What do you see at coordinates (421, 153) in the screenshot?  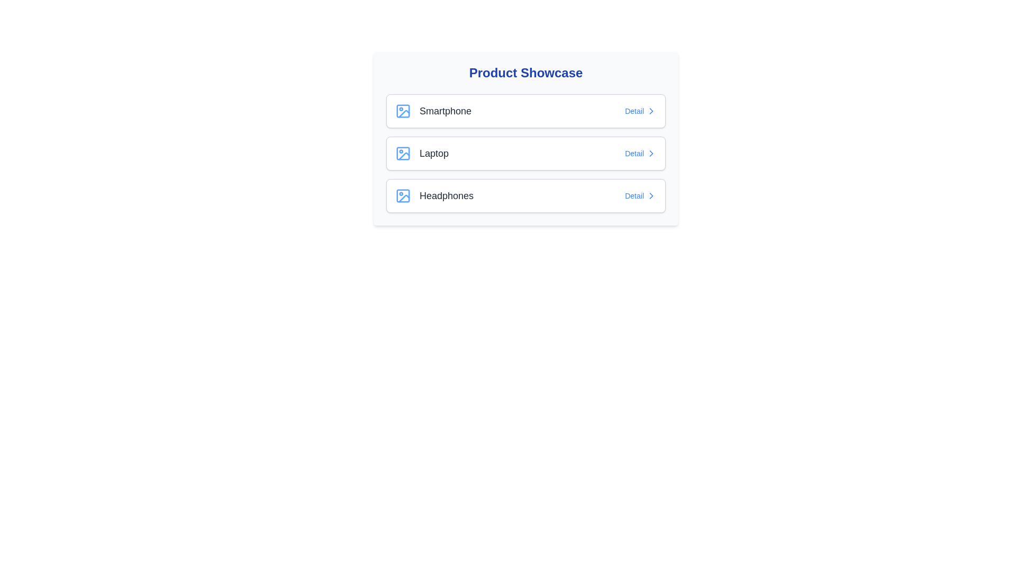 I see `the text description of the product Laptop for copying` at bounding box center [421, 153].